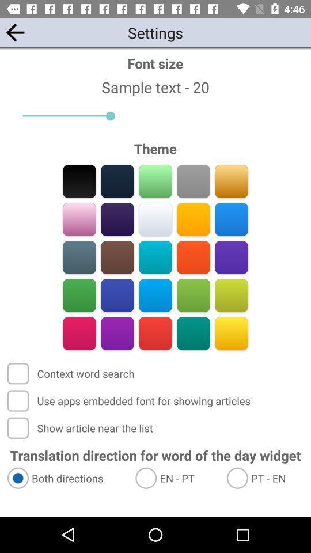  What do you see at coordinates (155, 181) in the screenshot?
I see `go bought ways` at bounding box center [155, 181].